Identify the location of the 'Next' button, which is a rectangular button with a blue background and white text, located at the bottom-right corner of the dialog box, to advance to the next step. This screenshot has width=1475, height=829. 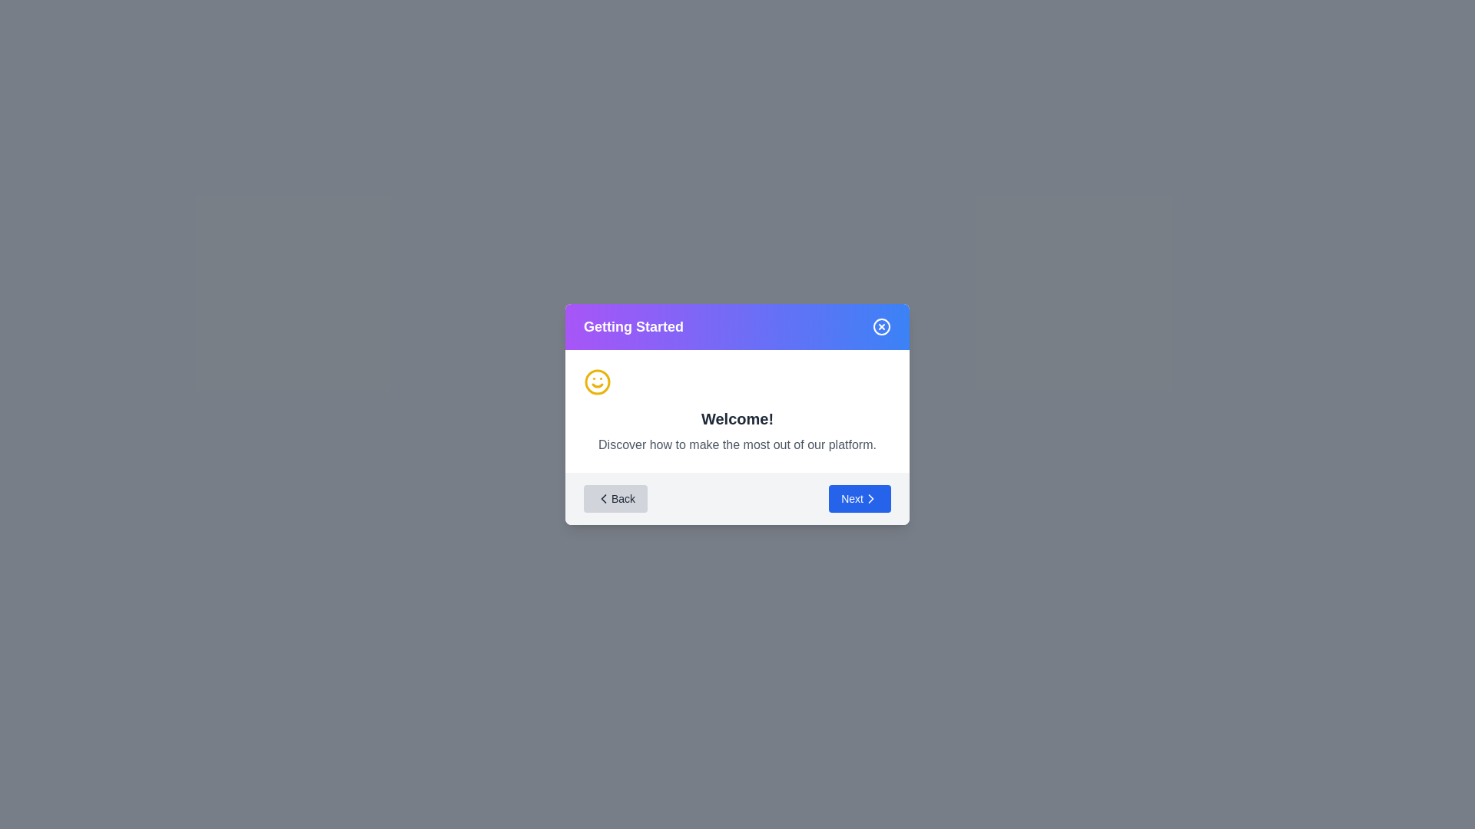
(858, 499).